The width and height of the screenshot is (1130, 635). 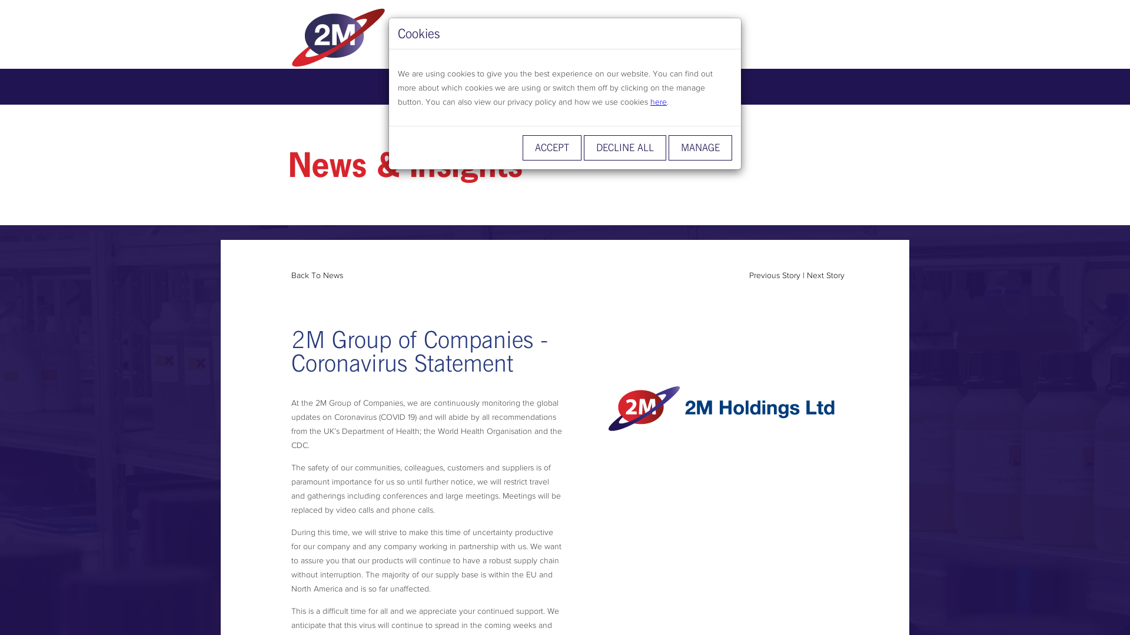 What do you see at coordinates (381, 36) in the screenshot?
I see `'Services'` at bounding box center [381, 36].